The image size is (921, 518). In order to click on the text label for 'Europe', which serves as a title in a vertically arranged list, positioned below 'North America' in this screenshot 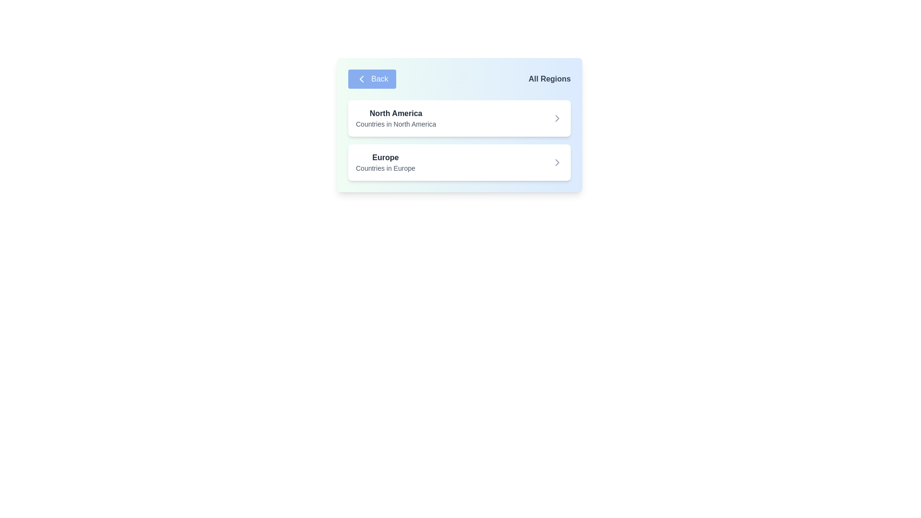, I will do `click(385, 157)`.